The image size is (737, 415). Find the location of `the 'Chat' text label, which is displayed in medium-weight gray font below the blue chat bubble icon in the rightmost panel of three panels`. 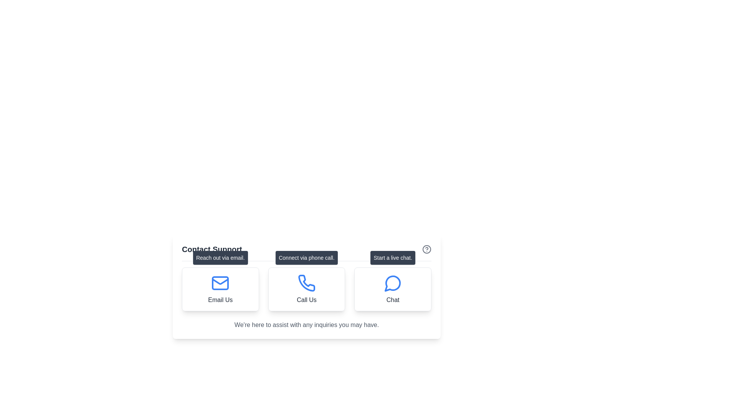

the 'Chat' text label, which is displayed in medium-weight gray font below the blue chat bubble icon in the rightmost panel of three panels is located at coordinates (393, 299).